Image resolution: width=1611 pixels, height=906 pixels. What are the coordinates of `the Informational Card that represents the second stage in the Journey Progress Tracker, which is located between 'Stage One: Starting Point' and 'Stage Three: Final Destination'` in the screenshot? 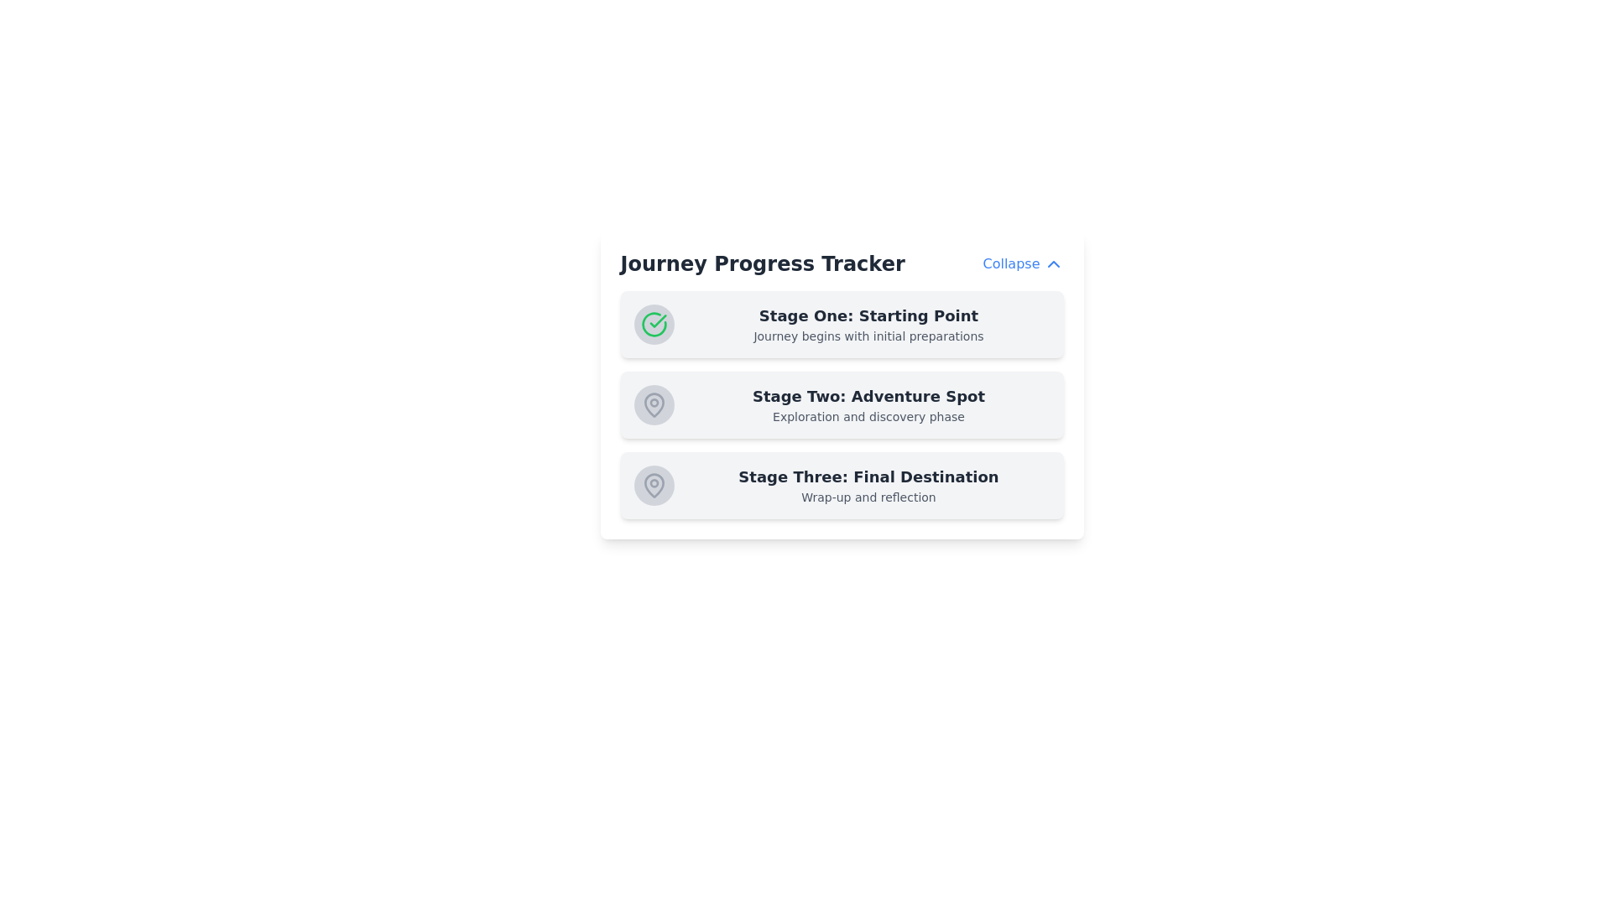 It's located at (842, 385).